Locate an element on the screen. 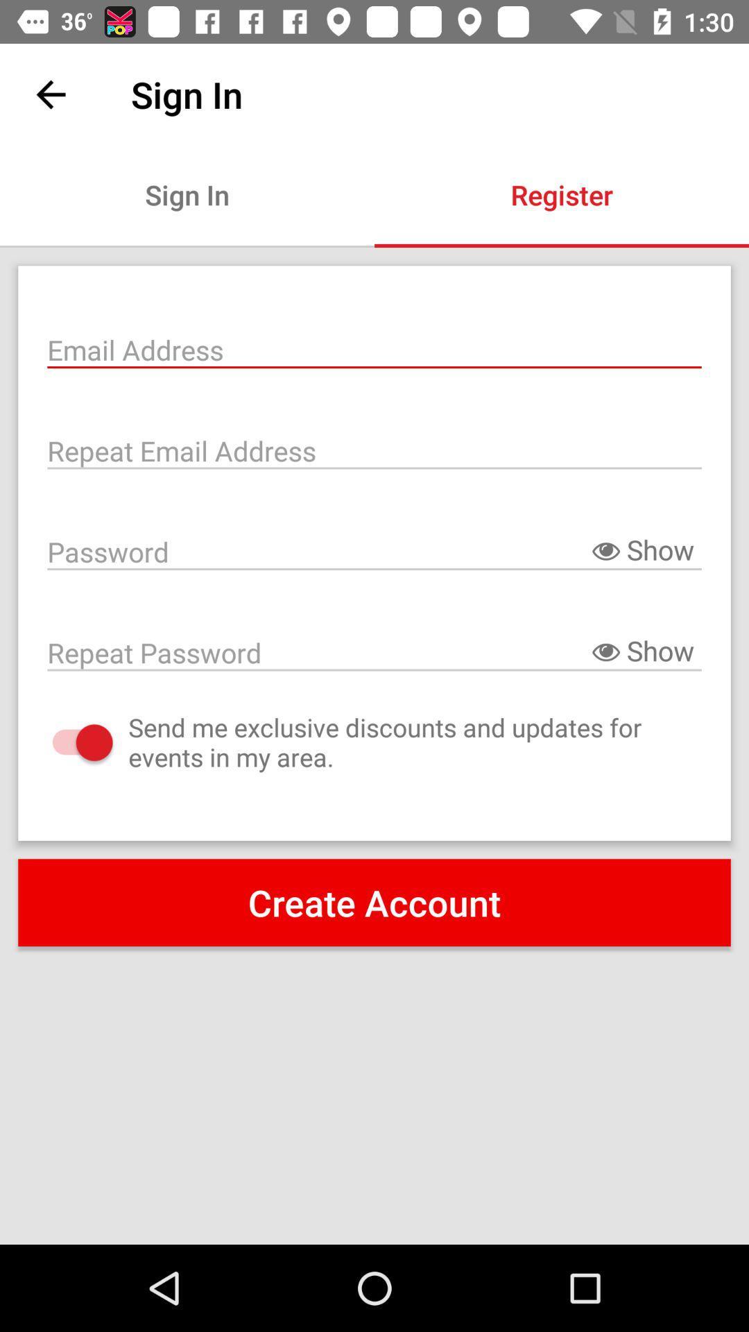 Image resolution: width=749 pixels, height=1332 pixels. password confirmation is located at coordinates (374, 651).